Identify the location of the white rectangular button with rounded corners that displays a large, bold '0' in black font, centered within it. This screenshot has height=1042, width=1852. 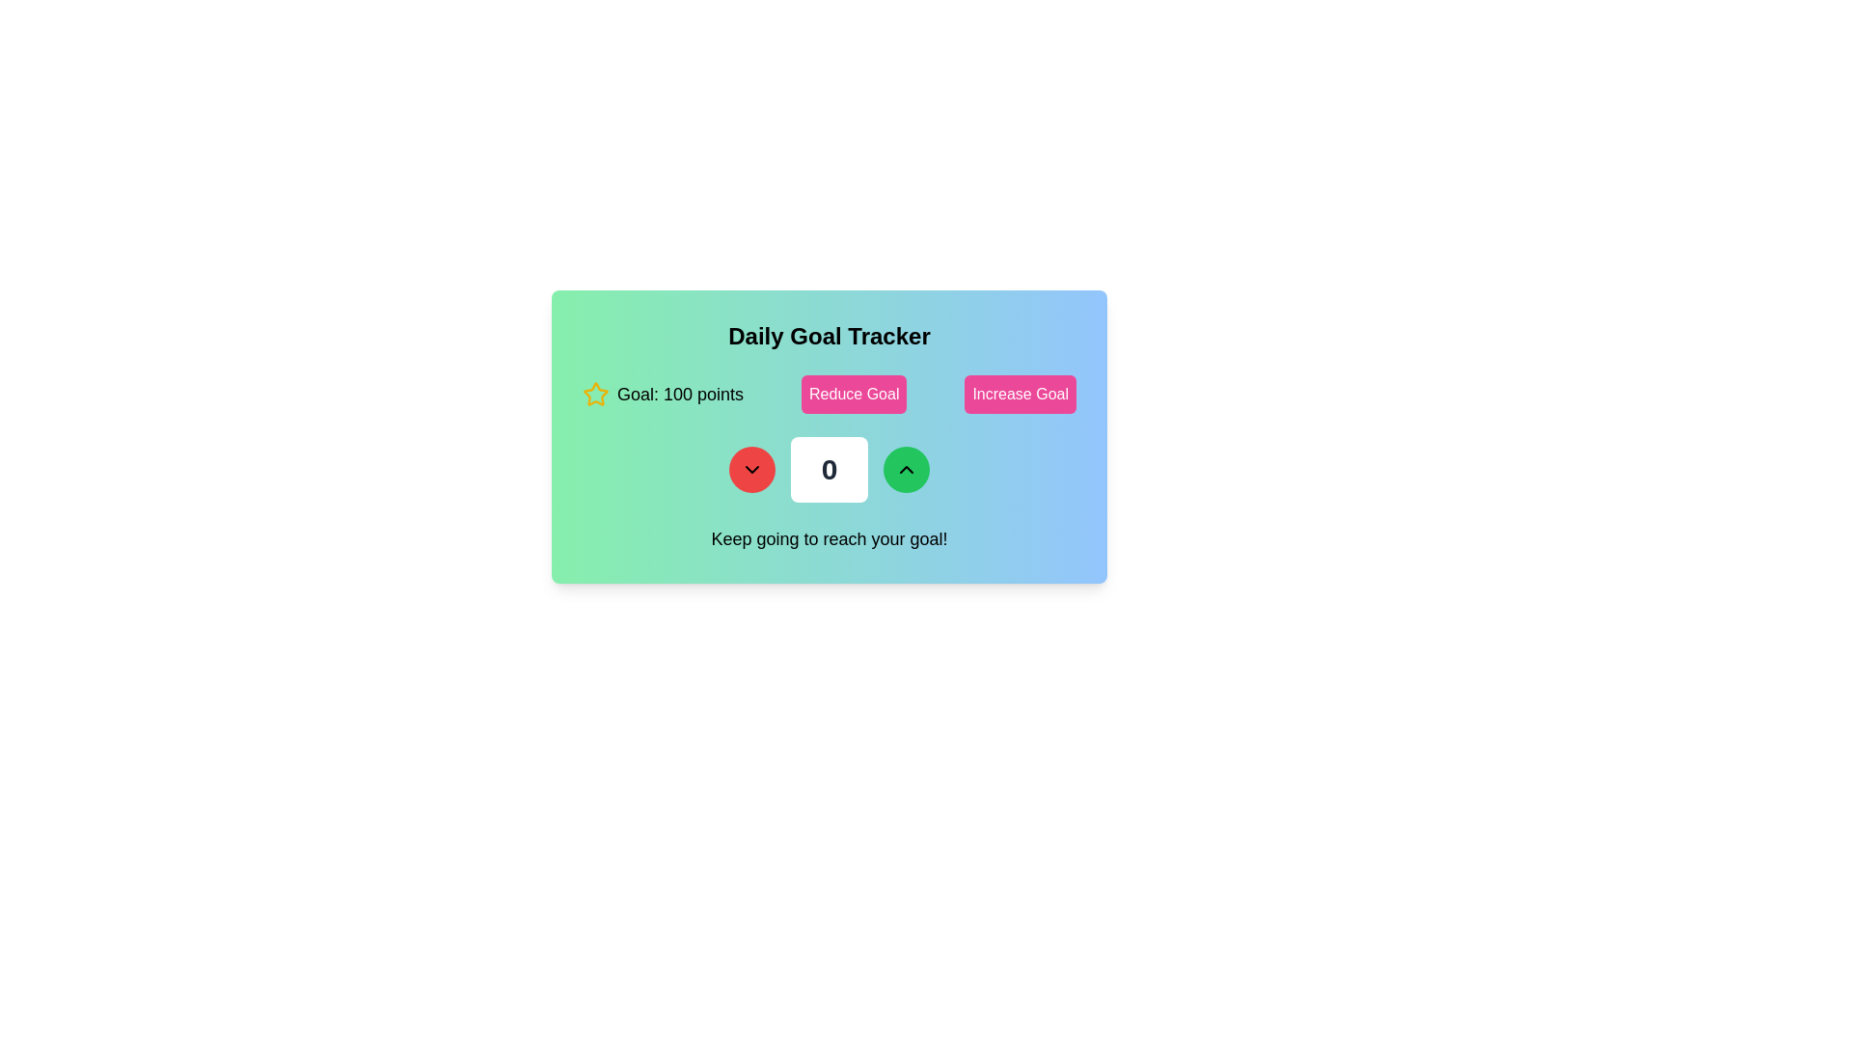
(829, 469).